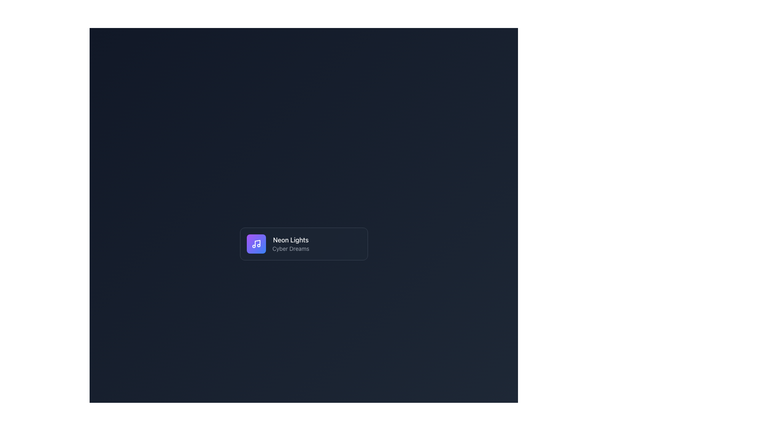 The image size is (768, 432). I want to click on the leftmost circular interactive icon located at the bottom-right corner of the interface to change its appearance from gray to white, so click(323, 406).